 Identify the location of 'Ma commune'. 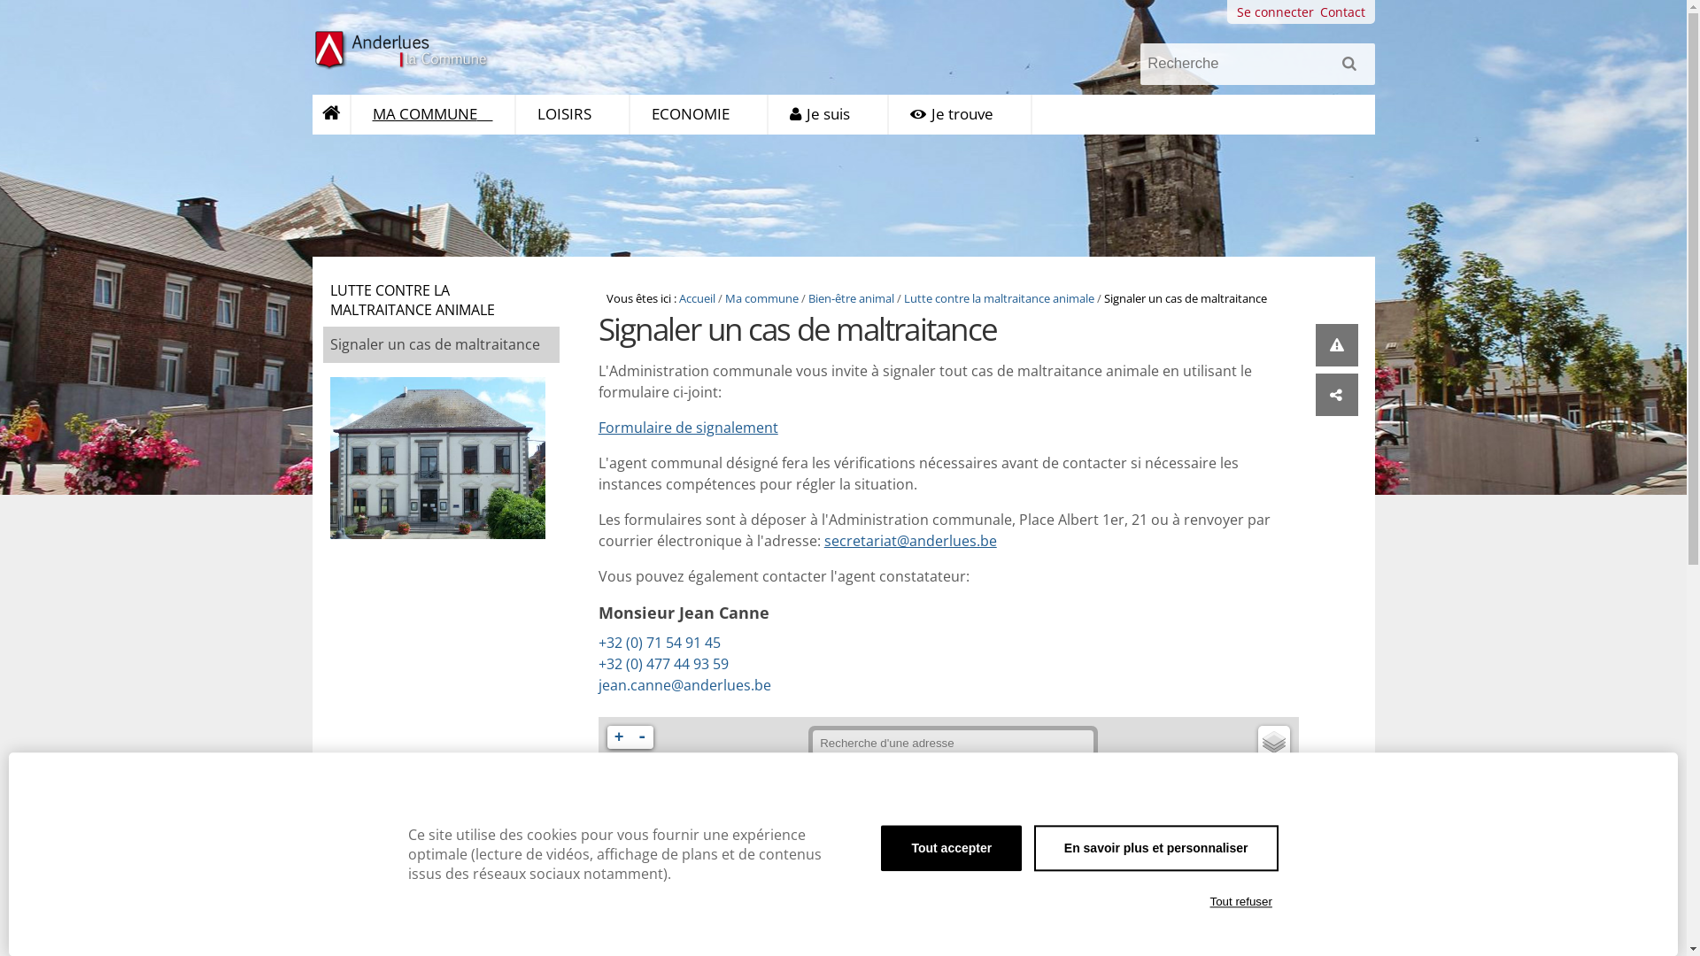
(761, 297).